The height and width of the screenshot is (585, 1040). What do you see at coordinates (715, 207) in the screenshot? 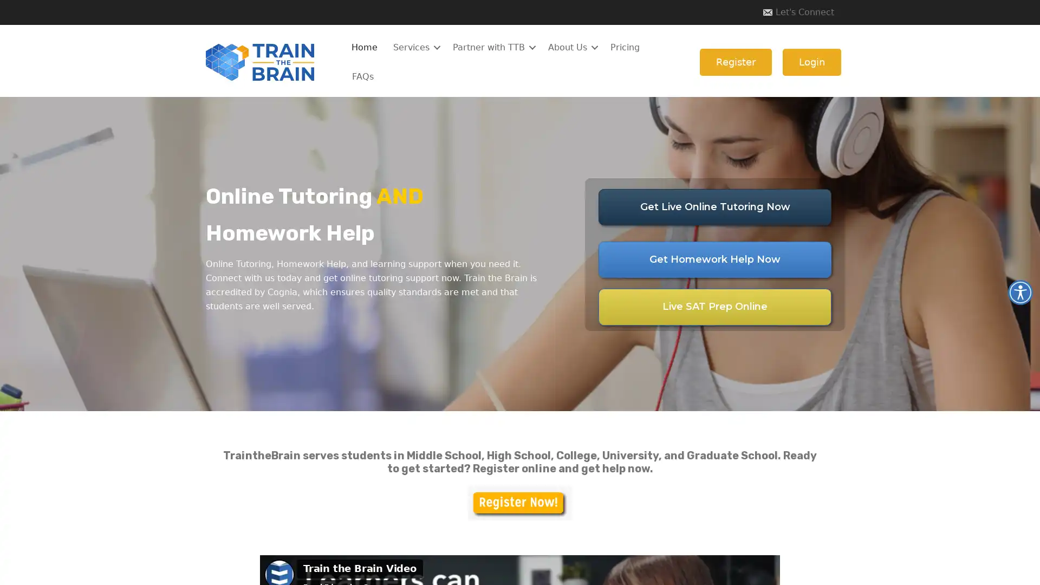
I see `Get Live Online Tutoring Now` at bounding box center [715, 207].